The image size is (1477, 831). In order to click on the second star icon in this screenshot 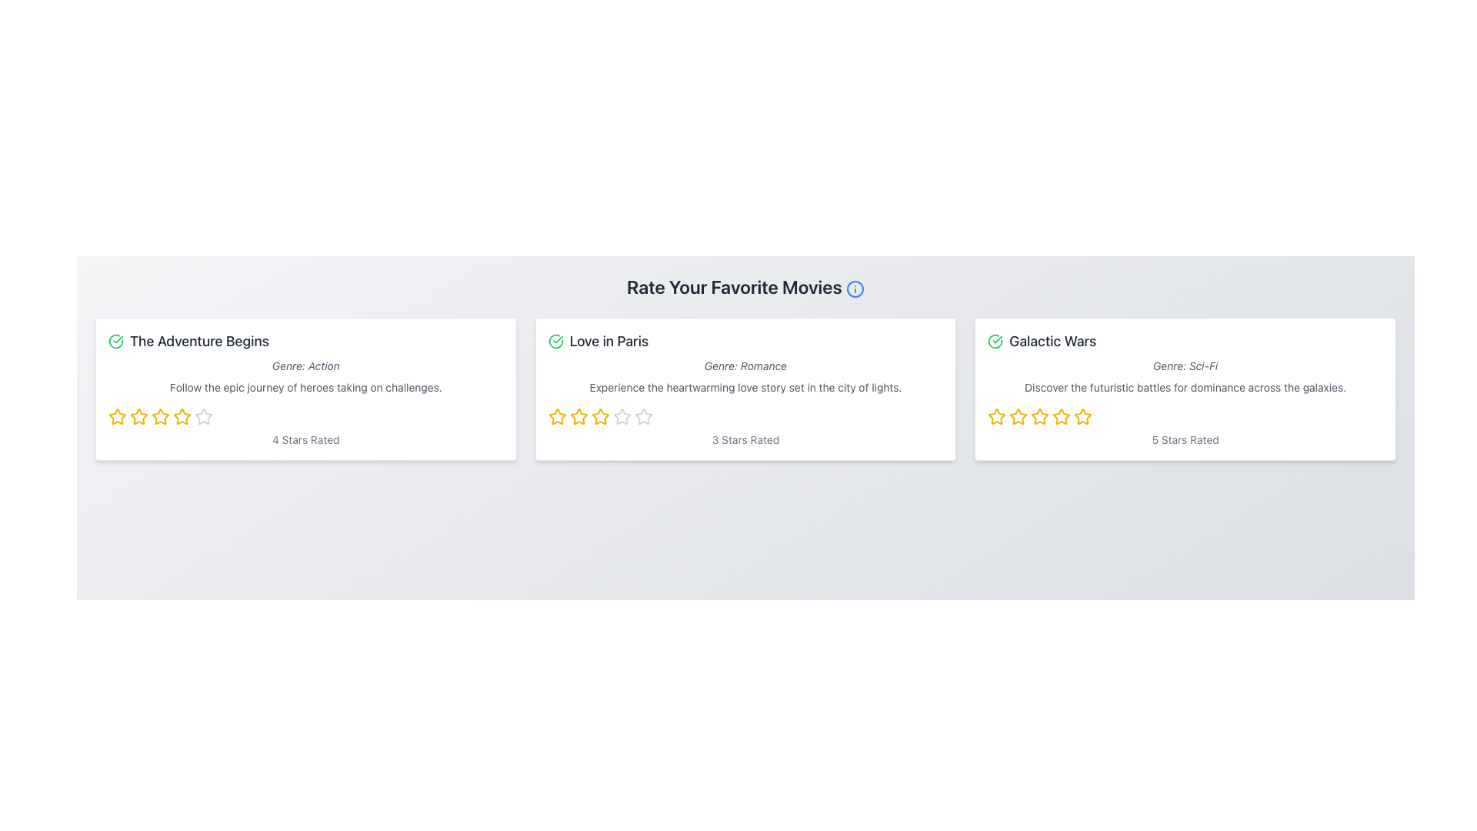, I will do `click(139, 416)`.